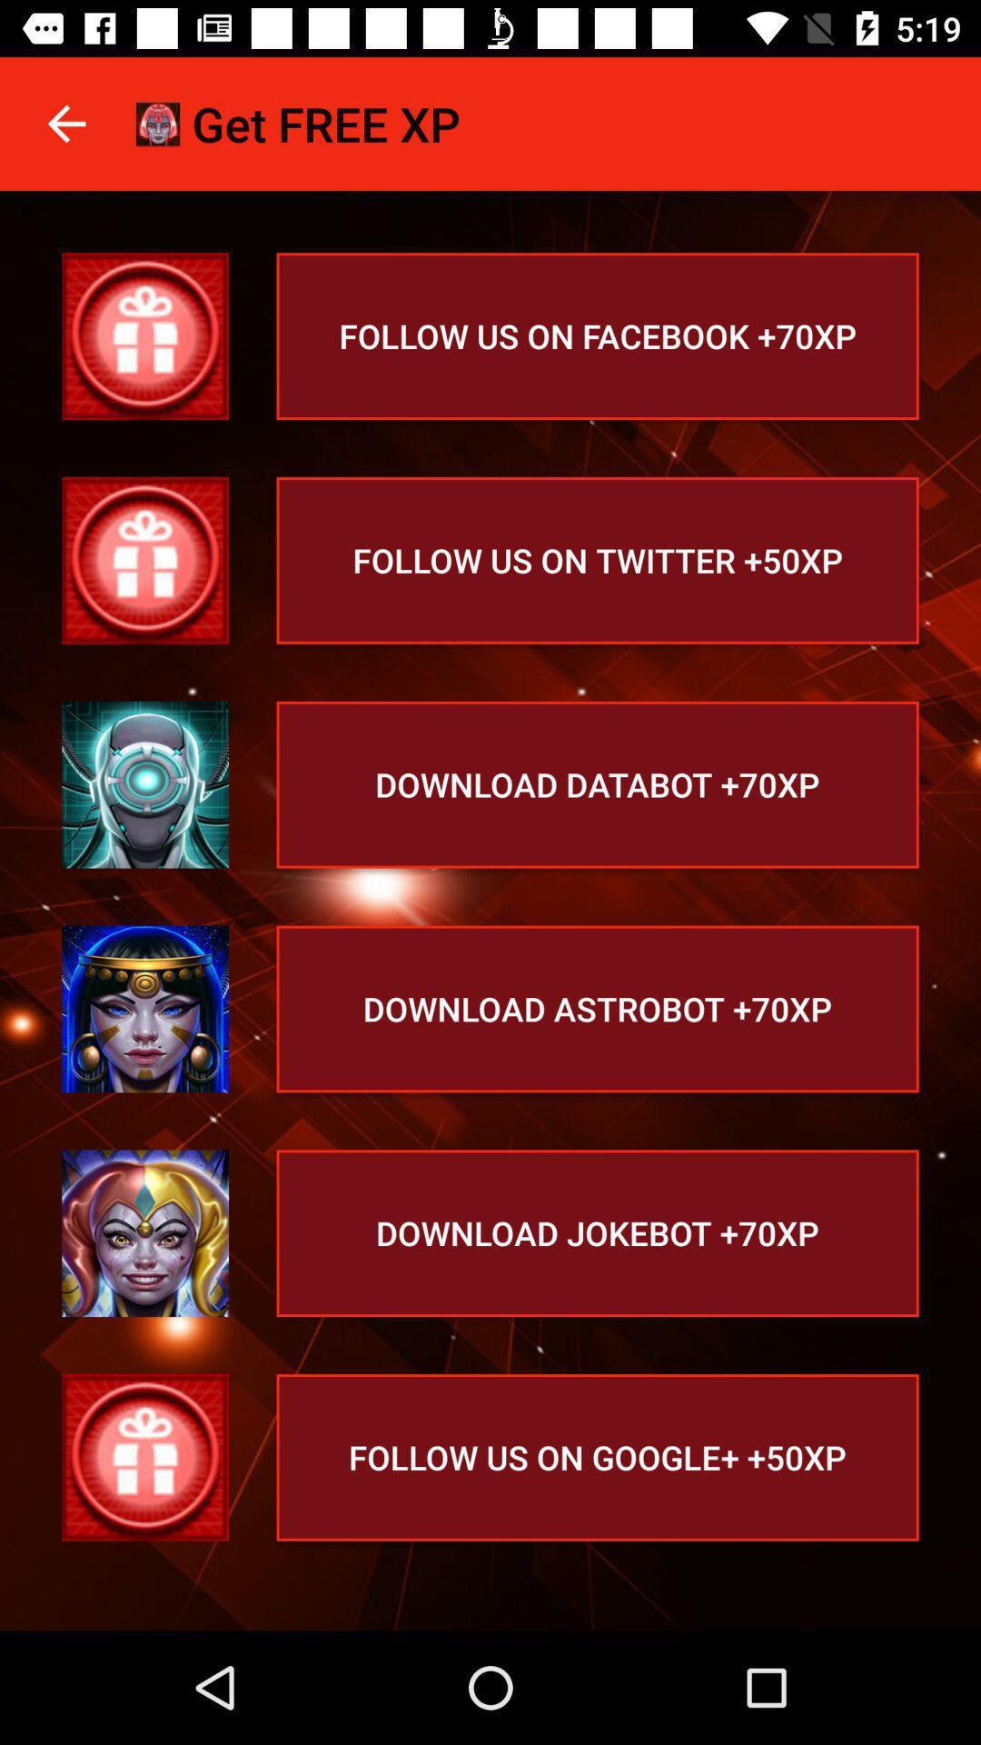  What do you see at coordinates (144, 1233) in the screenshot?
I see `game option` at bounding box center [144, 1233].